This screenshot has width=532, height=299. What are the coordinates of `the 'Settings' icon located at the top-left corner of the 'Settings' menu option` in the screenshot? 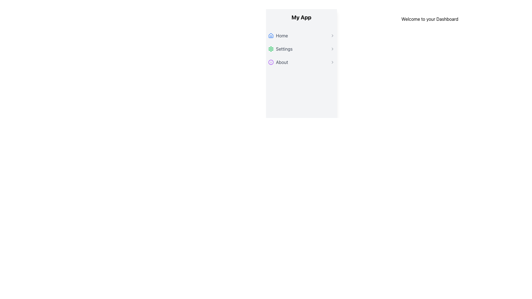 It's located at (271, 49).